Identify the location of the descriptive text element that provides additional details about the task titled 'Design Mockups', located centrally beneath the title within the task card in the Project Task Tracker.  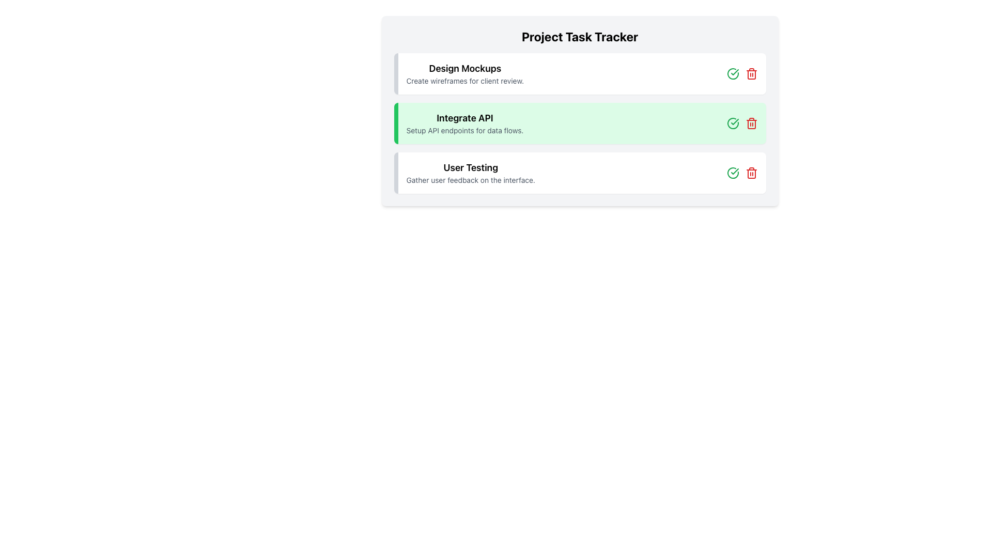
(464, 81).